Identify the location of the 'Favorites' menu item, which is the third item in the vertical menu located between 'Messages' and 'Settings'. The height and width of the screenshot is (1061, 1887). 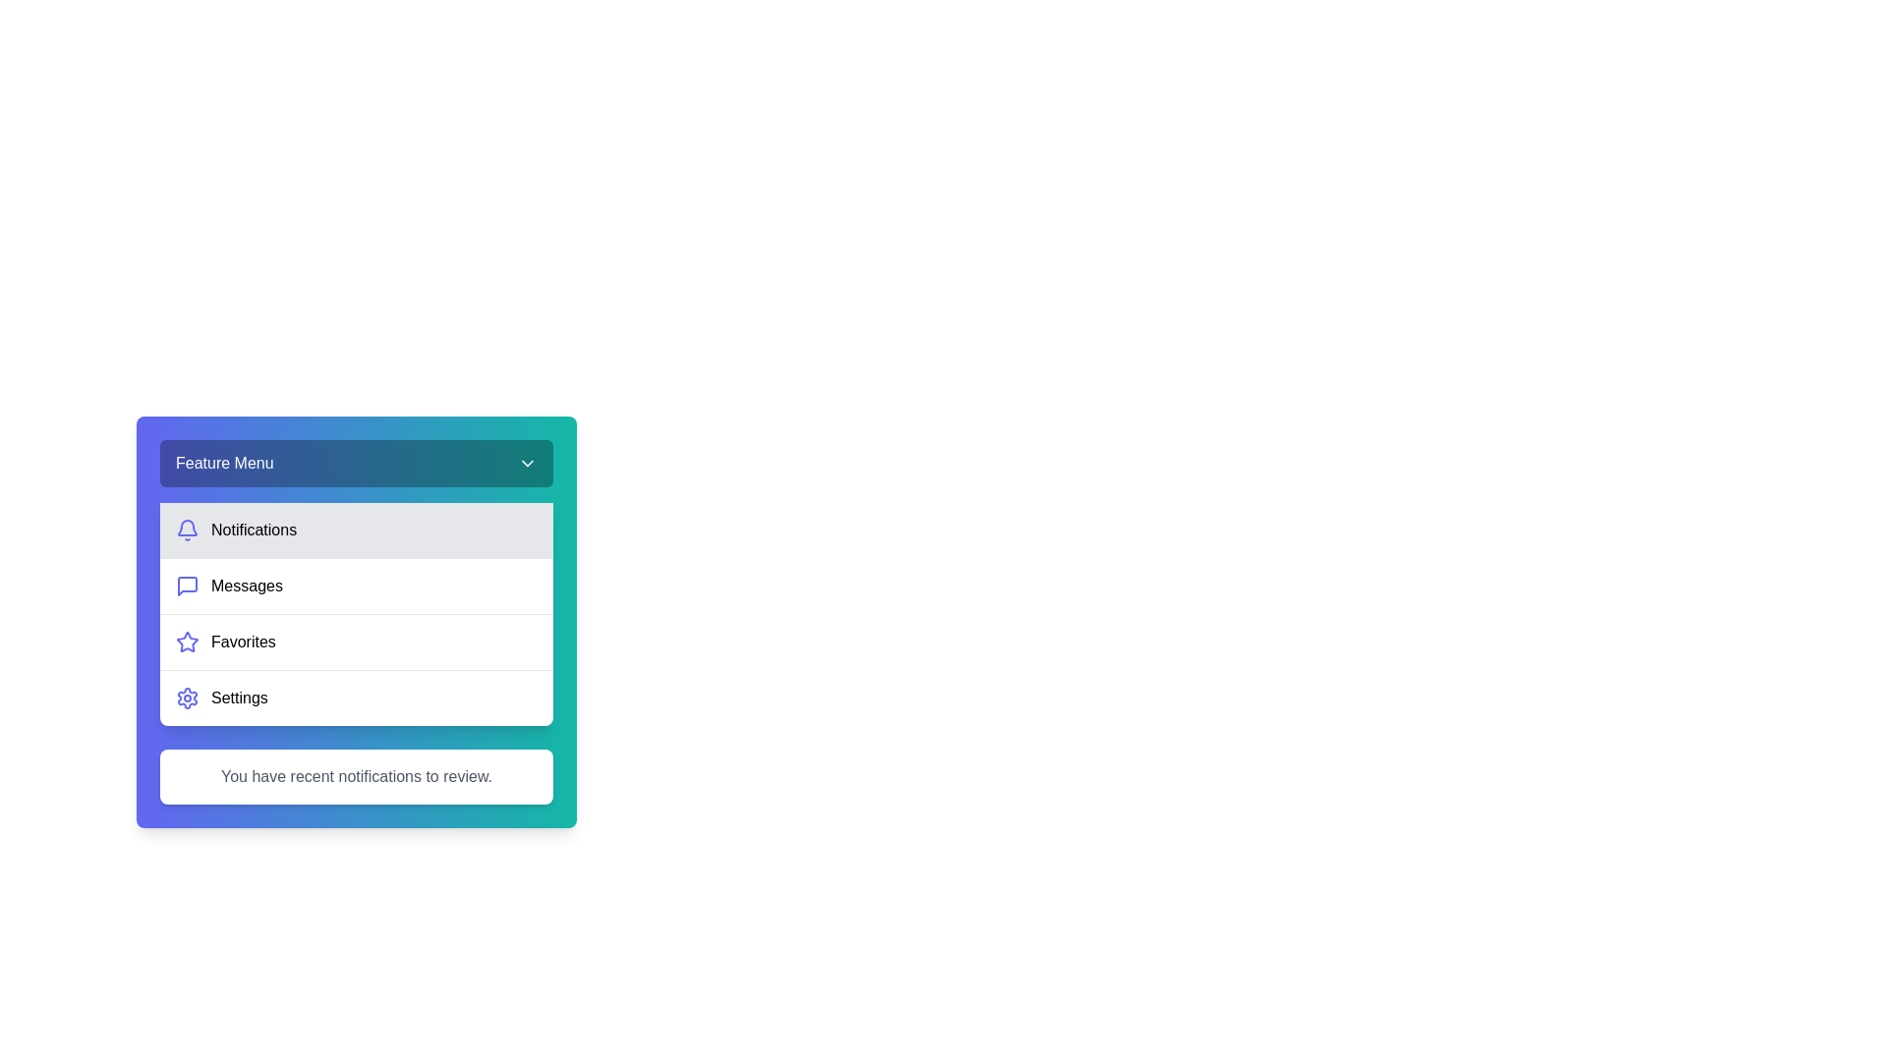
(357, 641).